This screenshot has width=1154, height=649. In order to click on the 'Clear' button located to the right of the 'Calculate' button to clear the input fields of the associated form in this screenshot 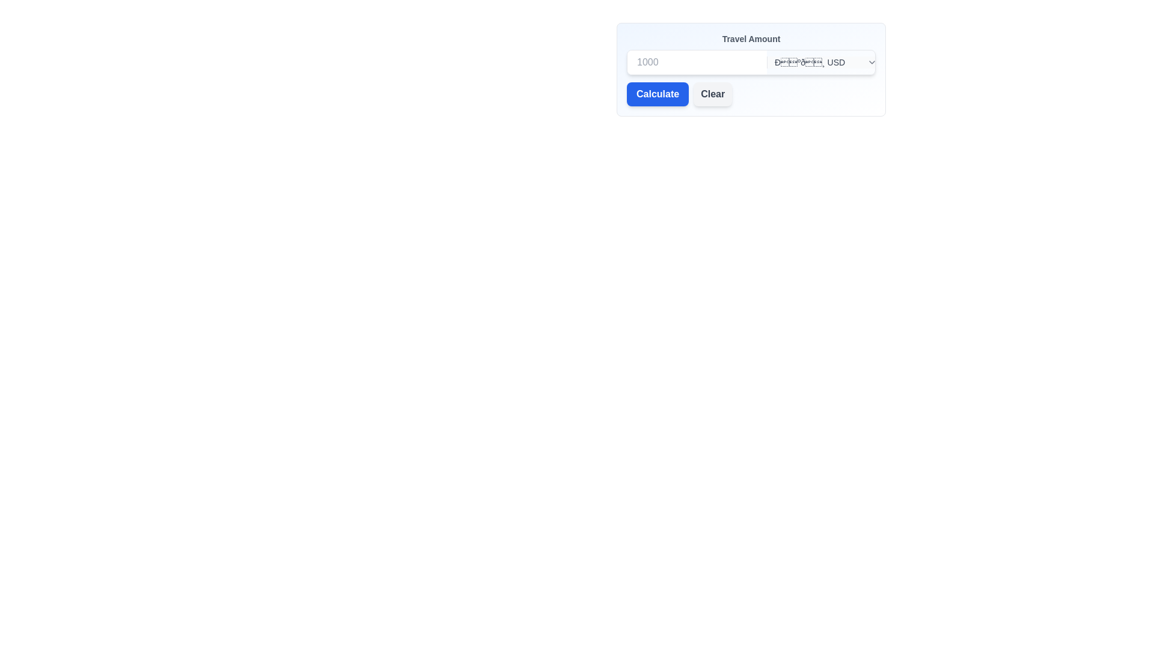, I will do `click(713, 94)`.